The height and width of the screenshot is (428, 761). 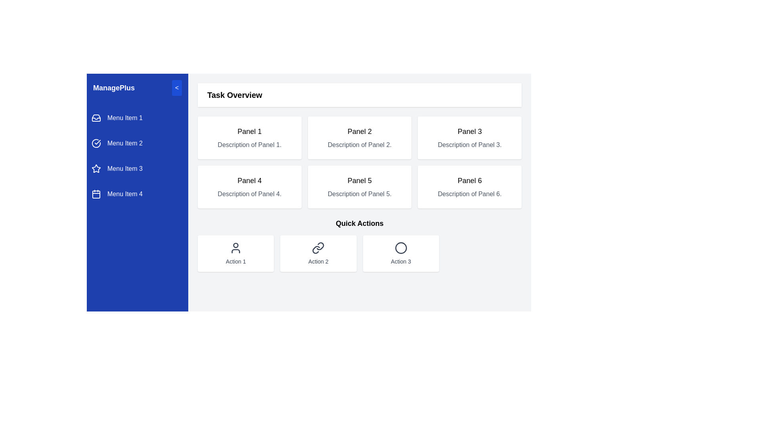 What do you see at coordinates (249, 137) in the screenshot?
I see `title and description of the informative panel titled 'Panel 1', which is the first item in the grid layout under the 'Task Overview'` at bounding box center [249, 137].